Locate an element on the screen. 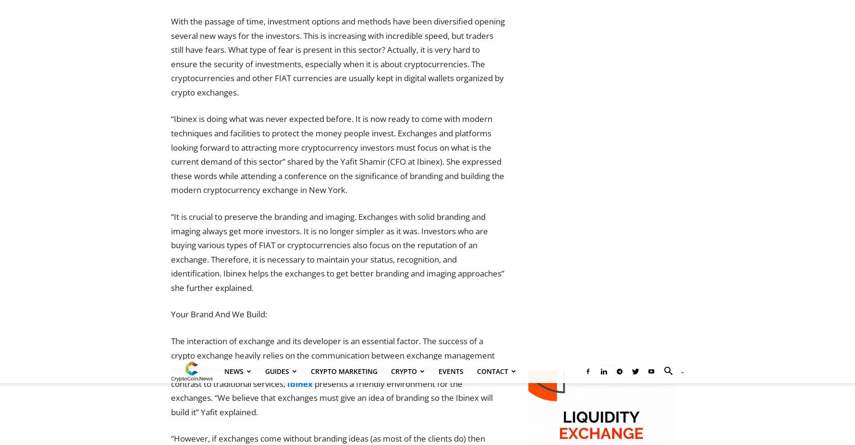  'ICONOMI Announces Major Upgrades And Partnership With Elliptic For Enhanced Trading And Compliance' is located at coordinates (335, 384).